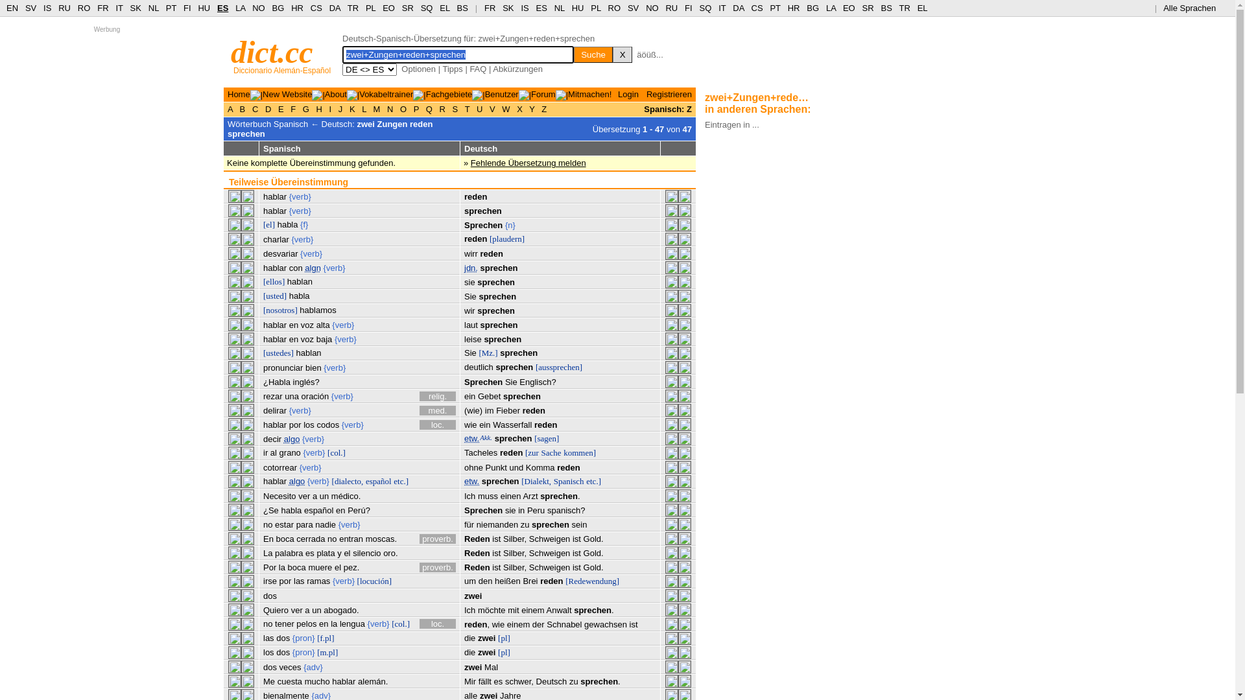 This screenshot has height=700, width=1245. Describe the element at coordinates (438, 410) in the screenshot. I see `'med.'` at that location.